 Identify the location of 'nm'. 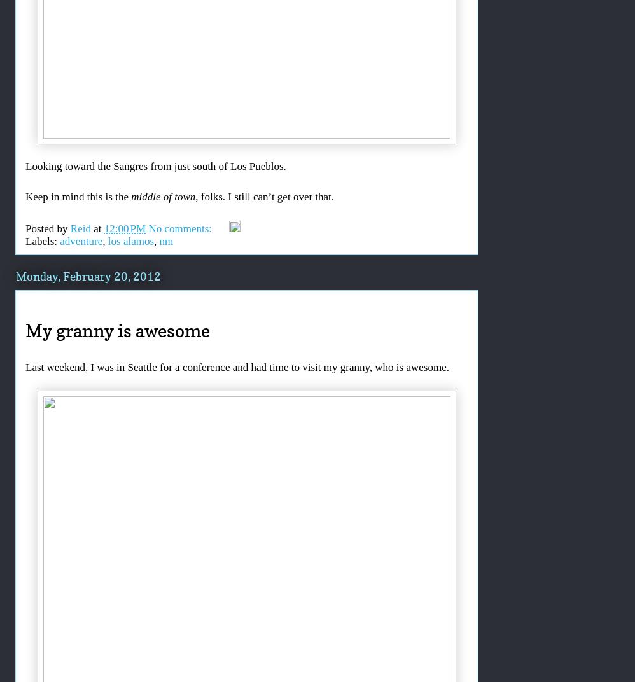
(165, 241).